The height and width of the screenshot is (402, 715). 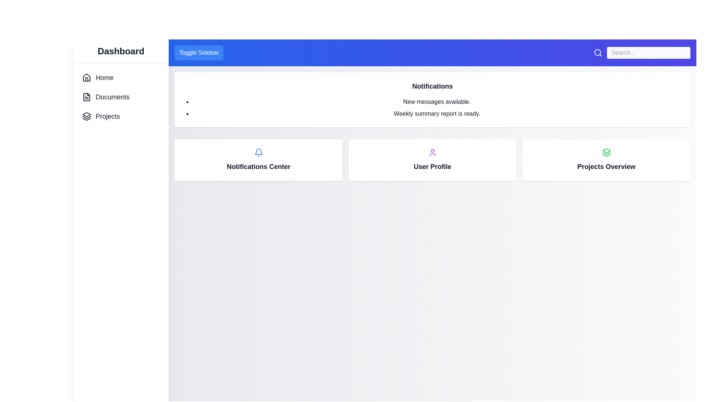 I want to click on the blue-tinted bell icon located at the top center of the interface, which signifies notifications and unread messages, so click(x=258, y=151).